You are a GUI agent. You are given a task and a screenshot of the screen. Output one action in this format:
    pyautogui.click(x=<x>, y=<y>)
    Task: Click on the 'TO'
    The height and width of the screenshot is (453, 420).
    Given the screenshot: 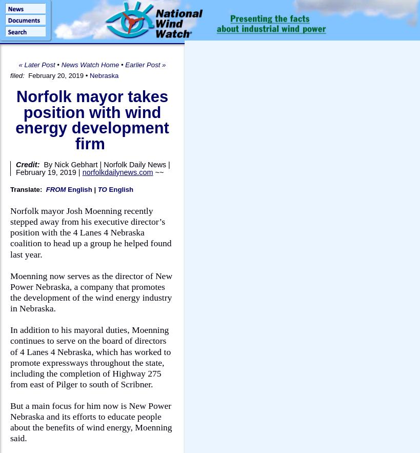 What is the action you would take?
    pyautogui.click(x=97, y=189)
    